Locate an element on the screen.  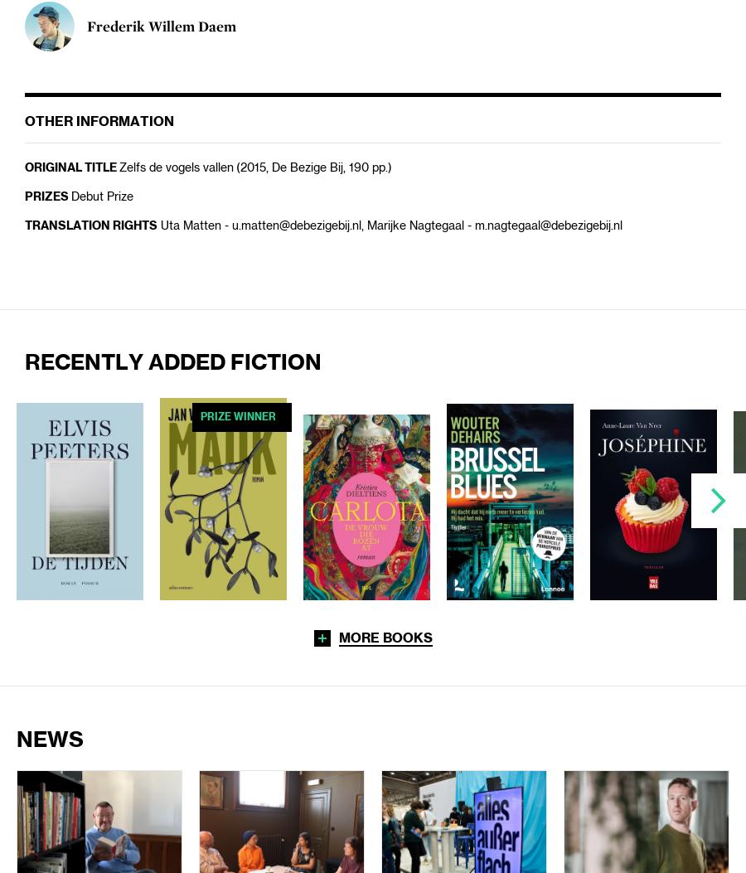
'Debut Prize' is located at coordinates (102, 196).